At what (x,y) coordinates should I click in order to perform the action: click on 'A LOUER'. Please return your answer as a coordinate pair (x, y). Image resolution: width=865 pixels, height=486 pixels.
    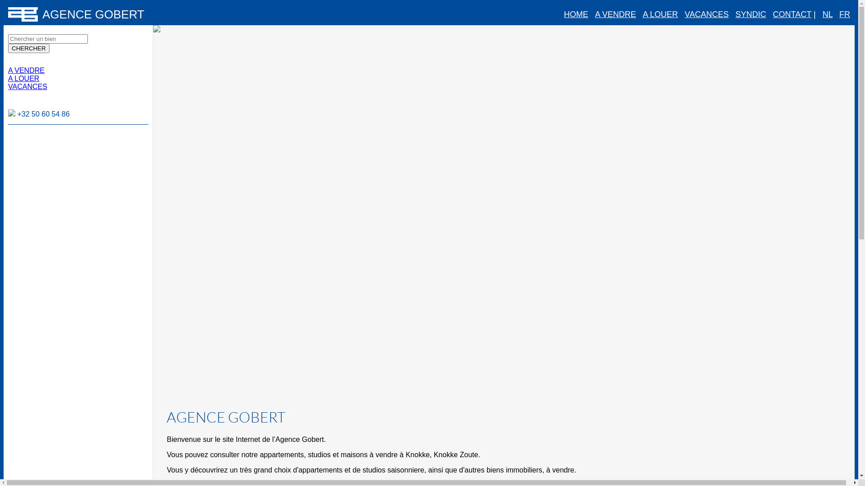
    Looking at the image, I should click on (23, 78).